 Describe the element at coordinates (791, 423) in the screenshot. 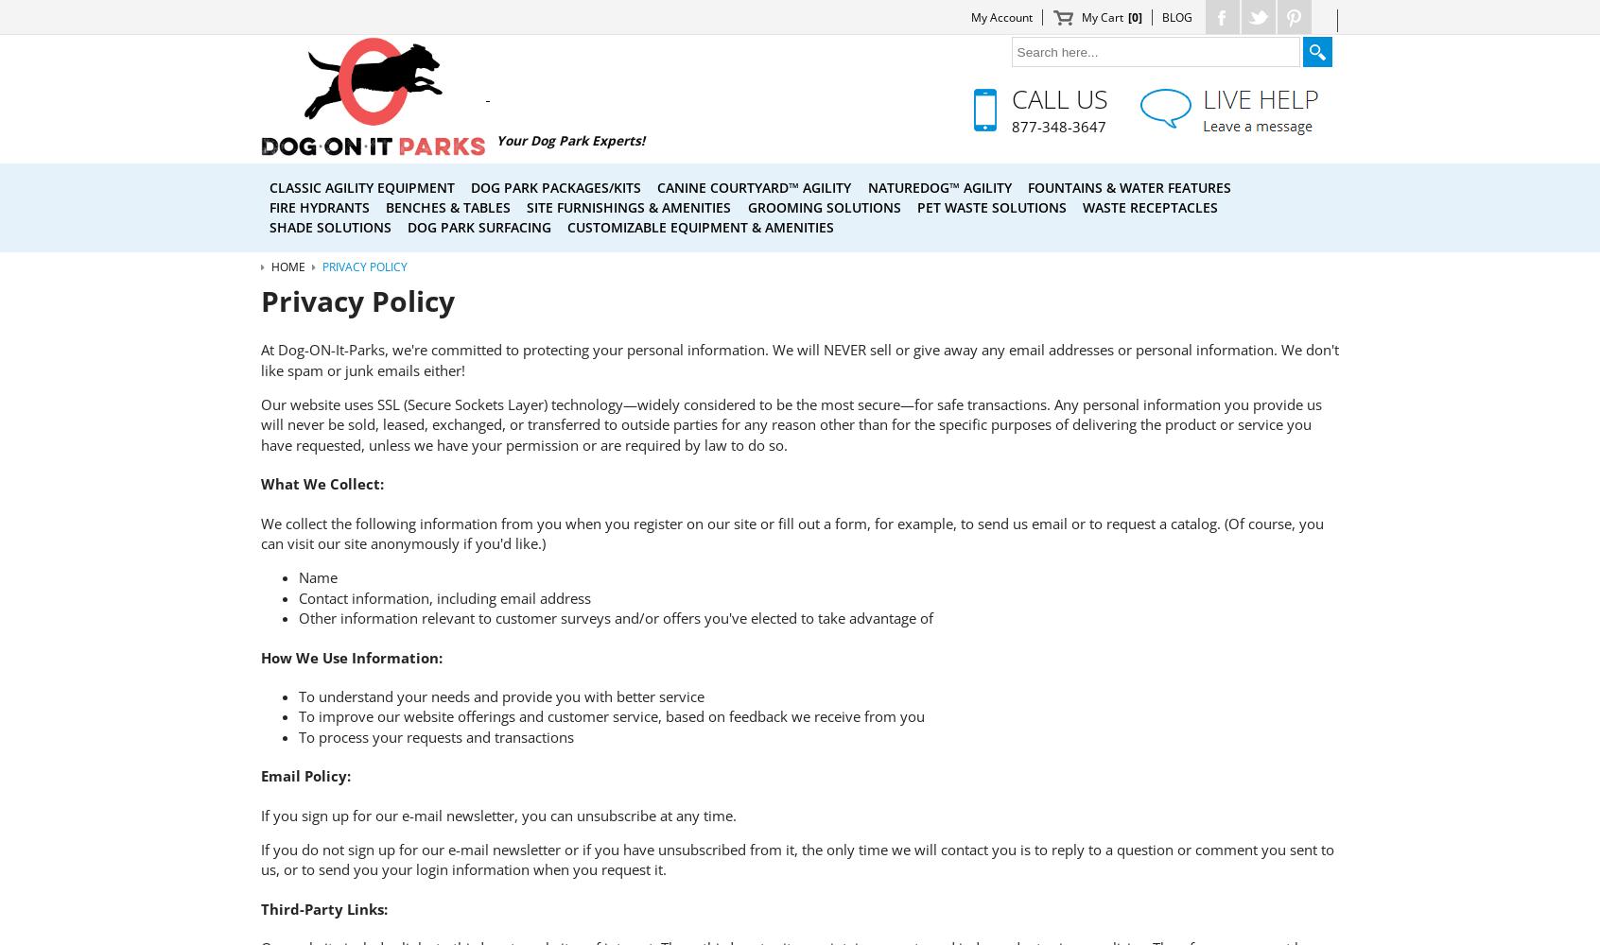

I see `'Our website uses SSL (Secure Sockets Layer) technology—widely considered to be the most secure—for safe transactions. Any personal information you provide us will never be sold, leased, exchanged, or transferred to outside parties for any reason other than for the specific purposes of delivering the product or service you have requested, unless we have your permission or are required by law to do so.'` at that location.